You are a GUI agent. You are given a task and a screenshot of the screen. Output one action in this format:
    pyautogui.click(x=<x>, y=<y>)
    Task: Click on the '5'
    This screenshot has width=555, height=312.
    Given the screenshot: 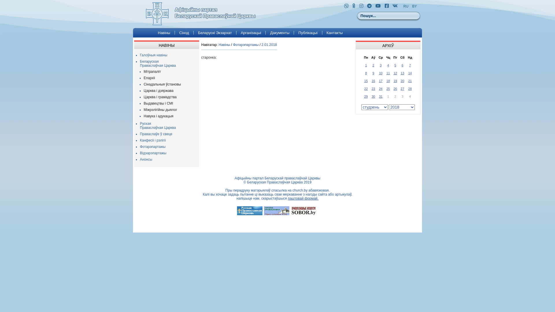 What is the action you would take?
    pyautogui.click(x=395, y=65)
    